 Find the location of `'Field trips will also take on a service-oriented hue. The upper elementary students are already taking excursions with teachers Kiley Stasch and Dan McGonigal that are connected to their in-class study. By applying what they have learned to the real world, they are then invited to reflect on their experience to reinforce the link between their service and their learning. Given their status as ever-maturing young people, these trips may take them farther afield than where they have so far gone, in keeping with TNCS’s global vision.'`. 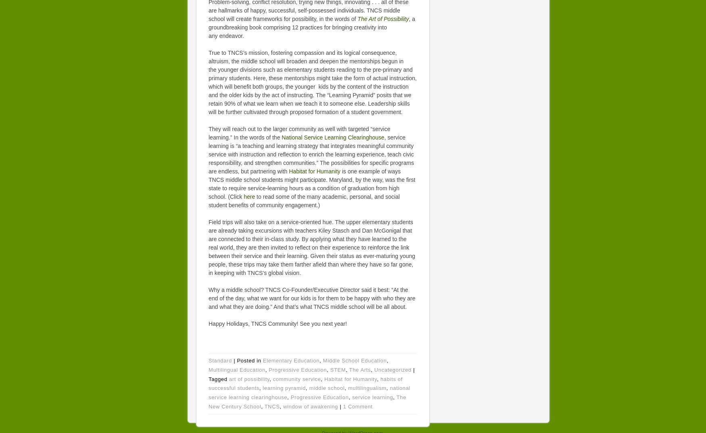

'Field trips will also take on a service-oriented hue. The upper elementary students are already taking excursions with teachers Kiley Stasch and Dan McGonigal that are connected to their in-class study. By applying what they have learned to the real world, they are then invited to reflect on their experience to reinforce the link between their service and their learning. Given their status as ever-maturing young people, these trips may take them farther afield than where they have so far gone, in keeping with TNCS’s global vision.' is located at coordinates (311, 248).